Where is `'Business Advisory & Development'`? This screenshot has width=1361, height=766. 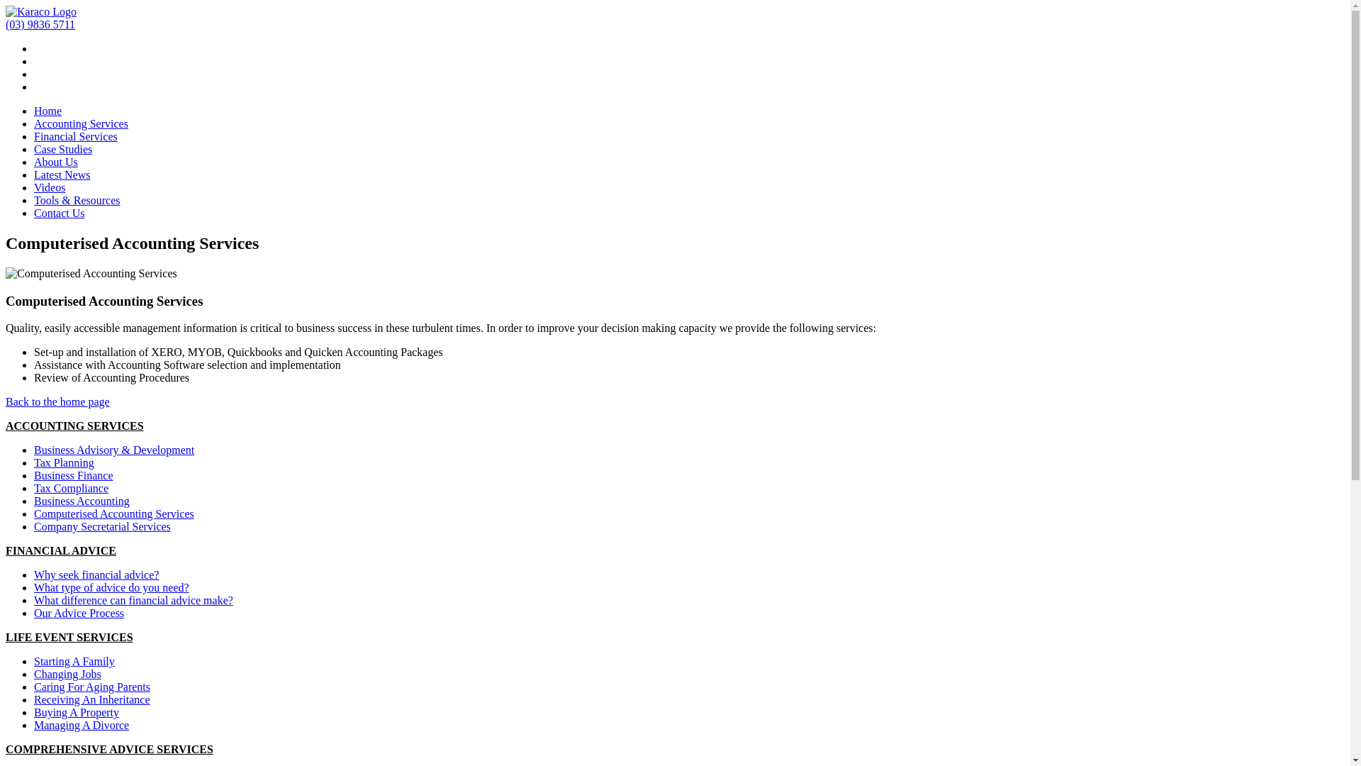 'Business Advisory & Development' is located at coordinates (114, 450).